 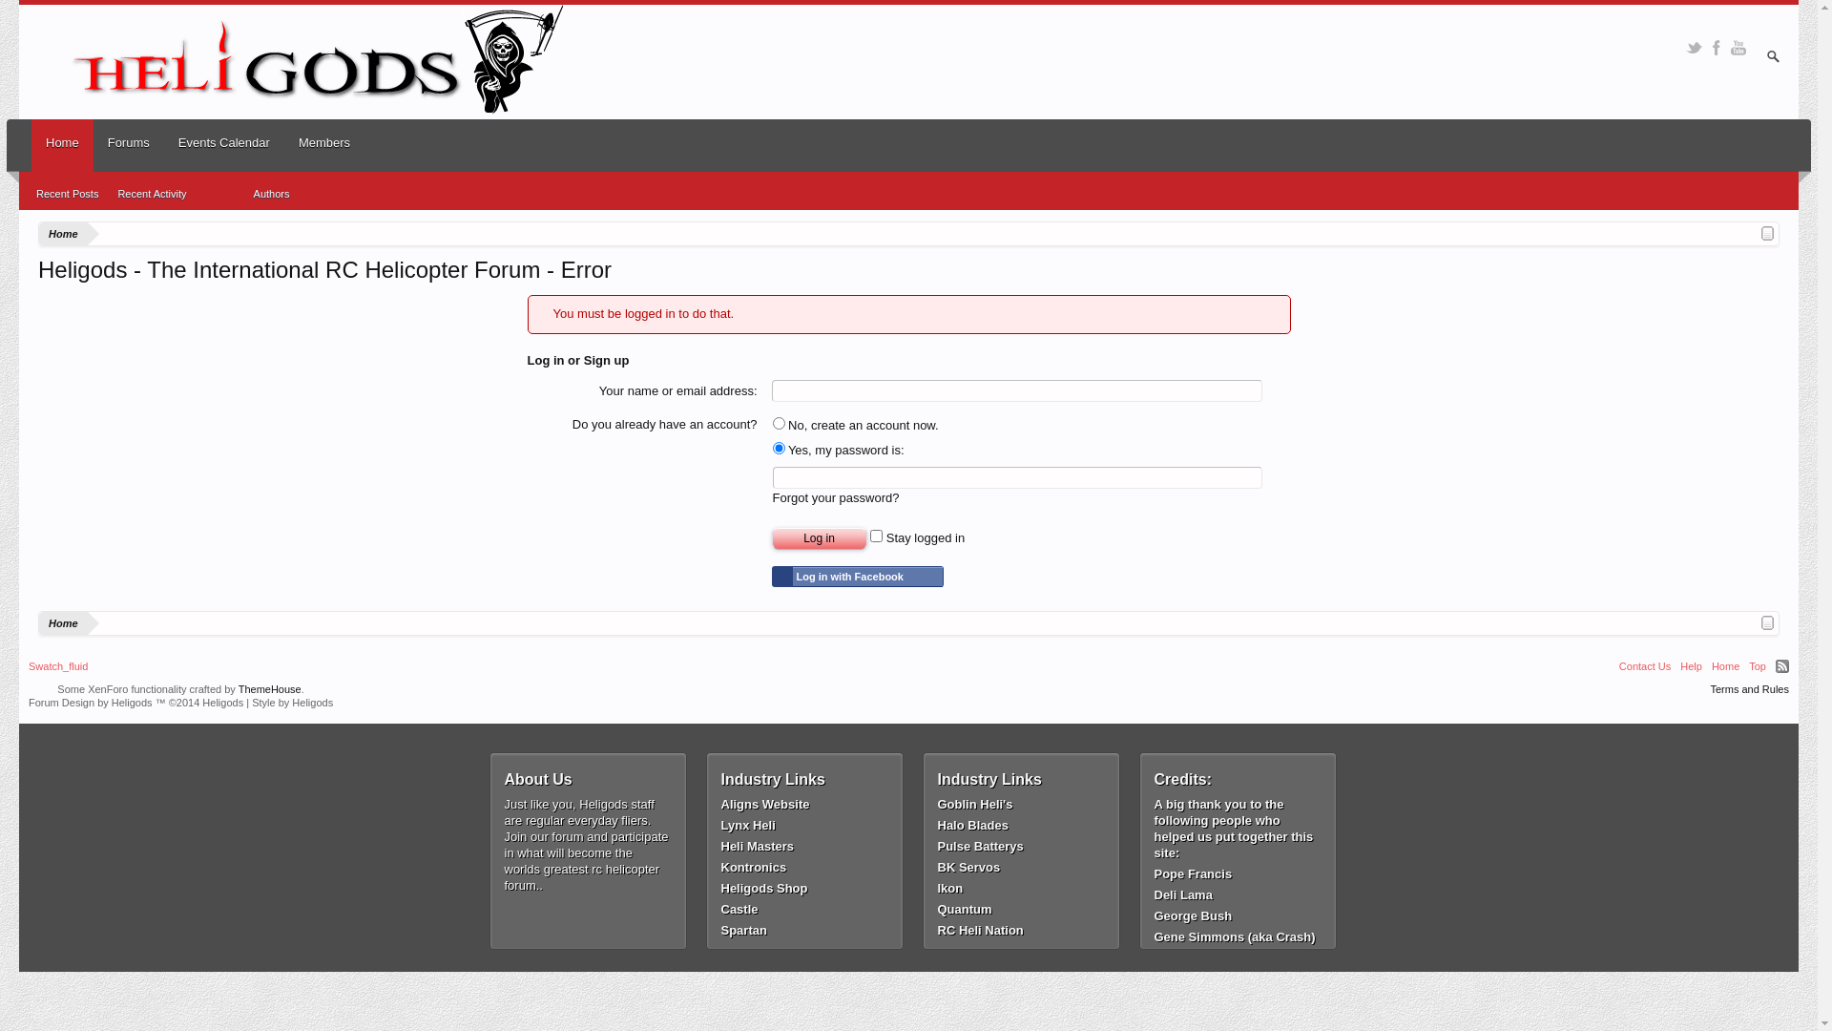 What do you see at coordinates (107, 192) in the screenshot?
I see `'Recent Activity'` at bounding box center [107, 192].